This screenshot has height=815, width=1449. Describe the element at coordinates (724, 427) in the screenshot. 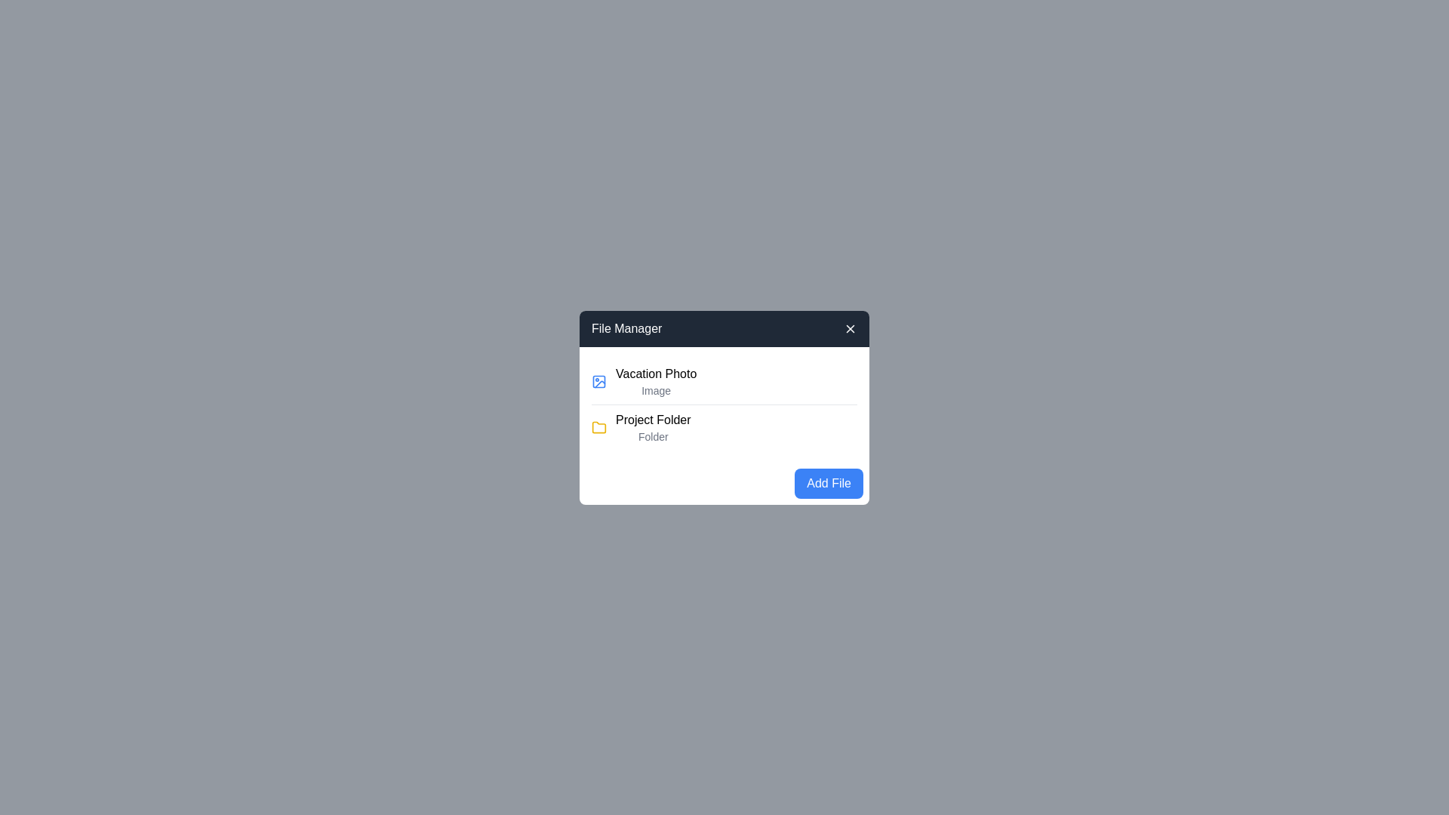

I see `the item Project Folder from the file list` at that location.